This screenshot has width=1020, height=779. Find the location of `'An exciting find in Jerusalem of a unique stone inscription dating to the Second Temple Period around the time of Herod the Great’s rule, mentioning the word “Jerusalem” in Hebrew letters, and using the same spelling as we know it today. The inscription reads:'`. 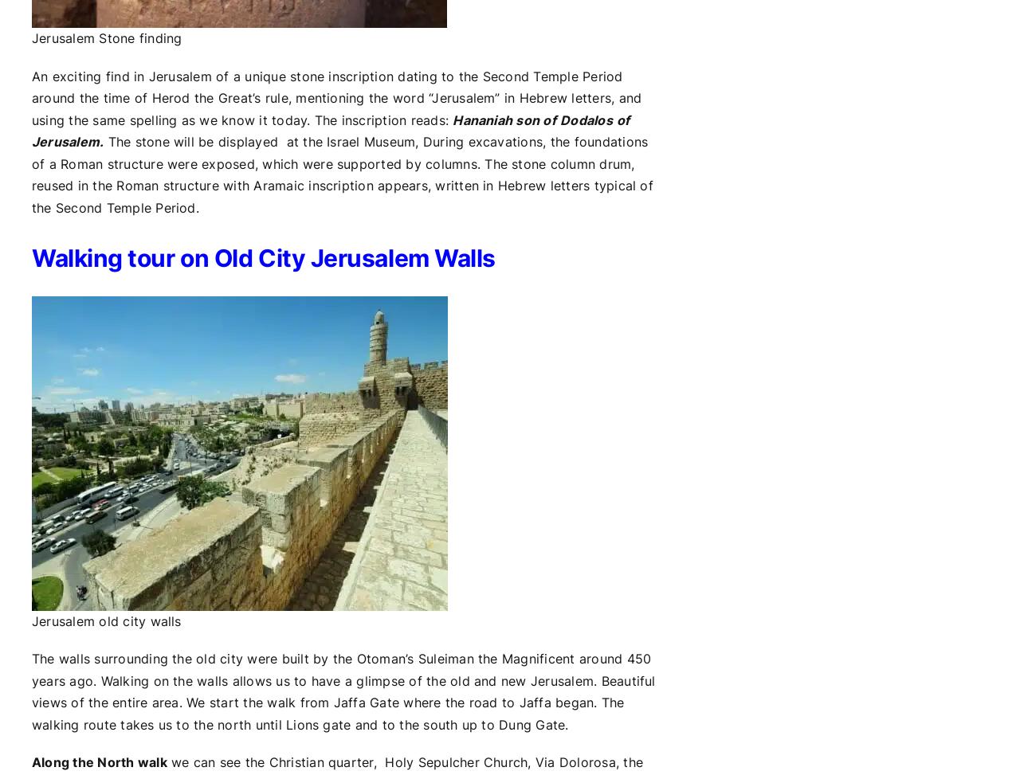

'An exciting find in Jerusalem of a unique stone inscription dating to the Second Temple Period around the time of Herod the Great’s rule, mentioning the word “Jerusalem” in Hebrew letters, and using the same spelling as we know it today. The inscription reads:' is located at coordinates (31, 97).